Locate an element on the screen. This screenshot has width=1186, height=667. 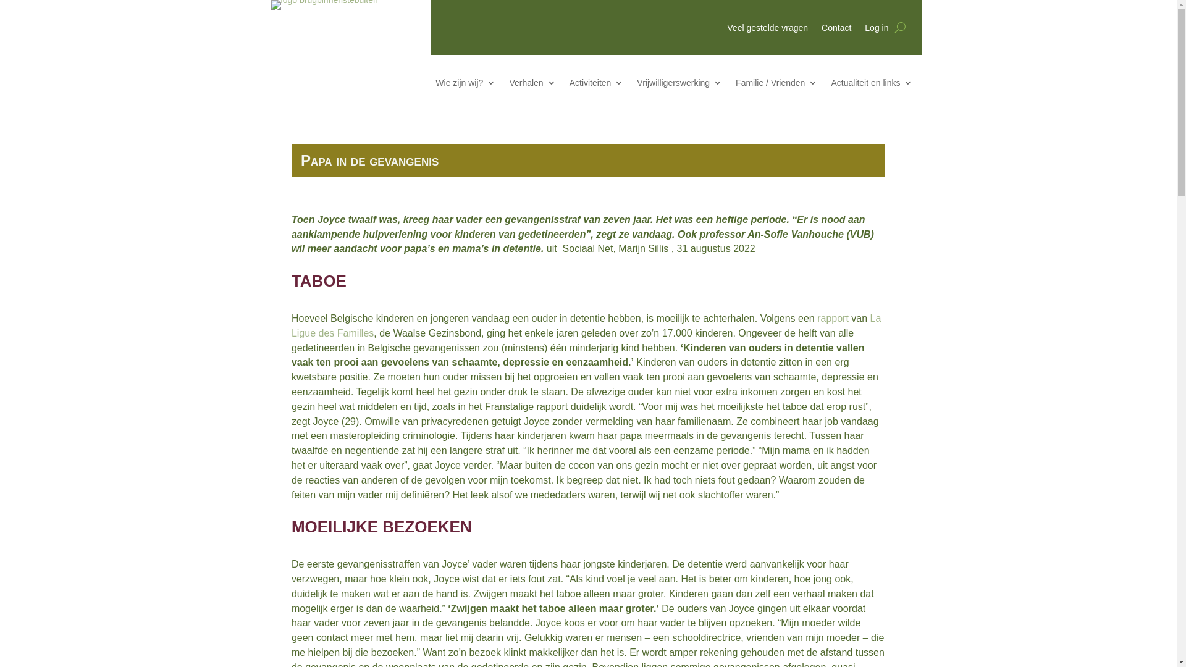
'Verhalen' is located at coordinates (532, 85).